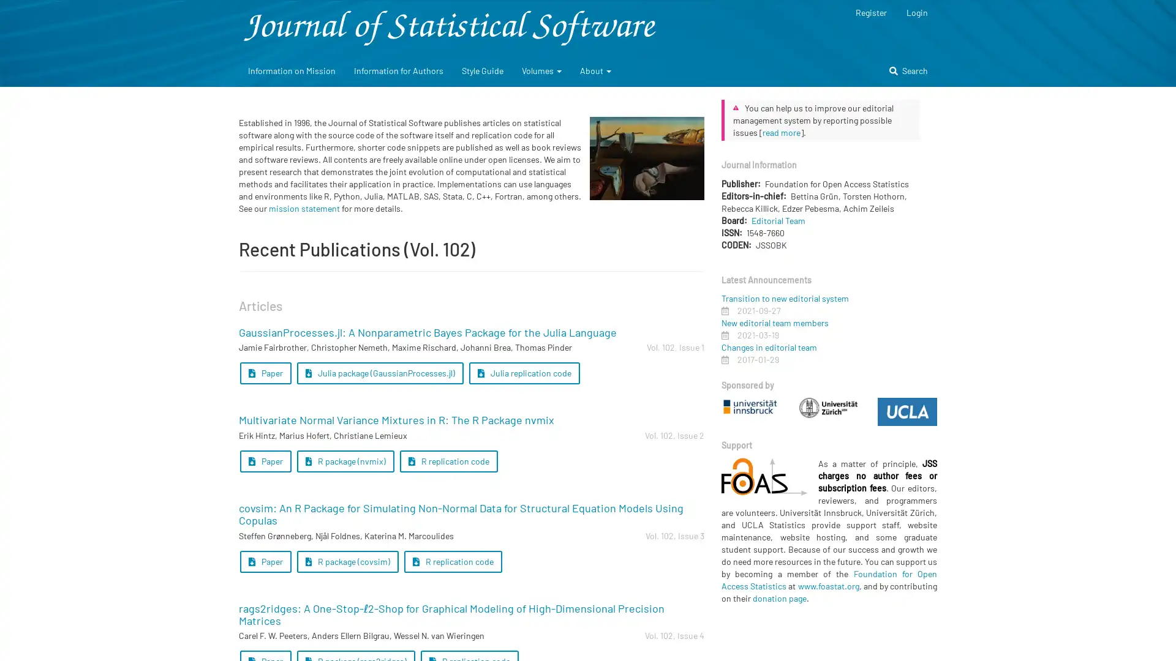 The height and width of the screenshot is (661, 1176). I want to click on Julia replication code, so click(524, 372).